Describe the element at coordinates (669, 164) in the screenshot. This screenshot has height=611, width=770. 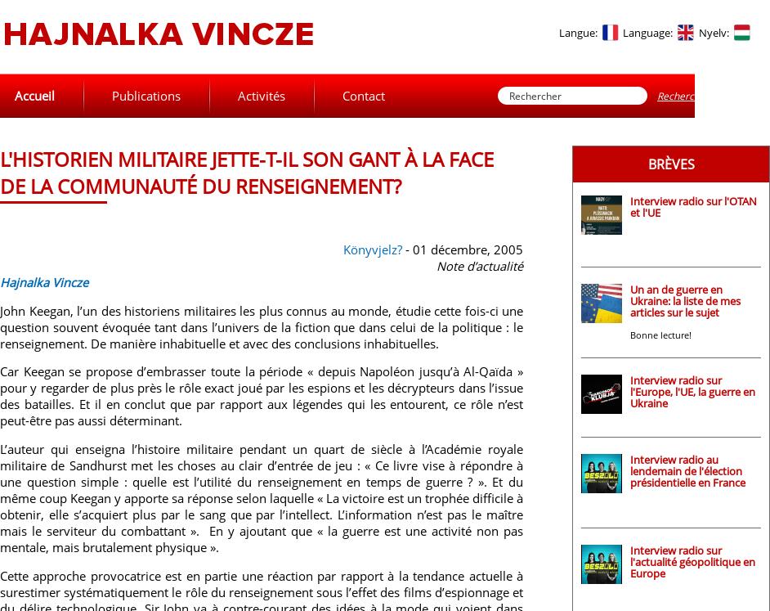
I see `'Brèves'` at that location.